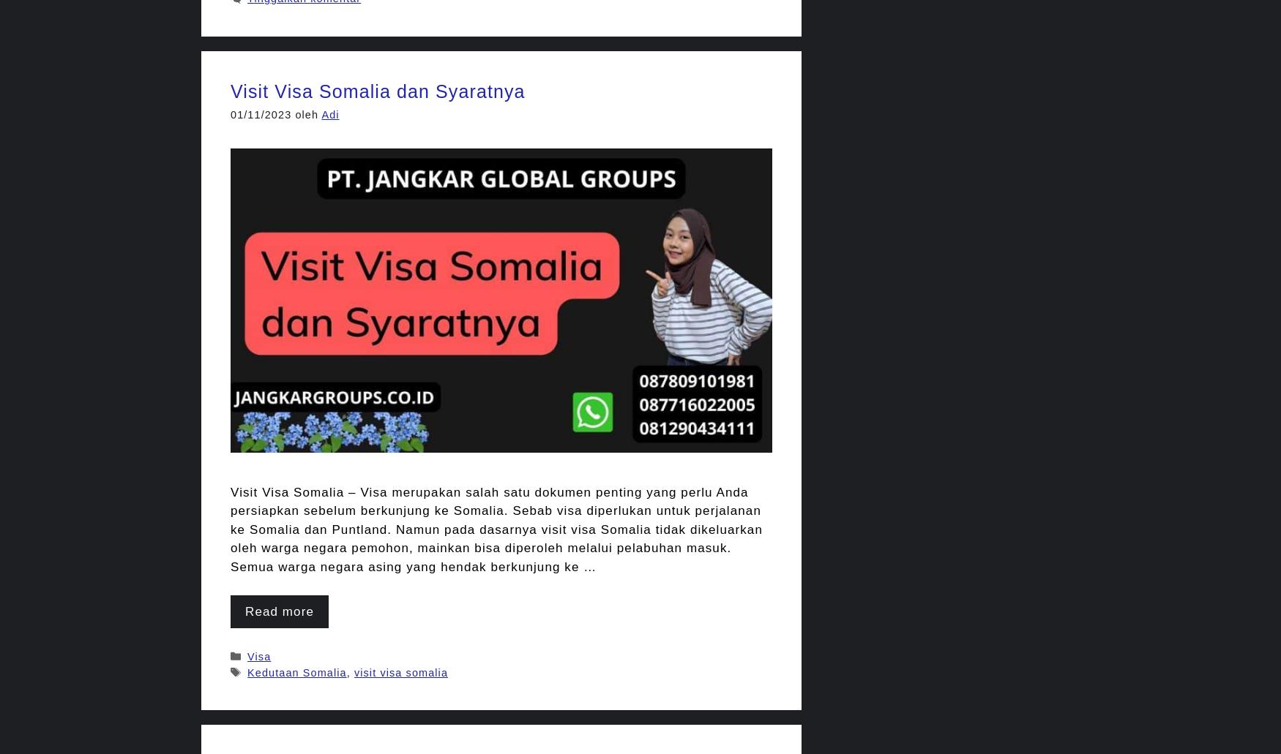 The image size is (1281, 754). What do you see at coordinates (377, 90) in the screenshot?
I see `'Visit Visa Somalia dan Syaratnya'` at bounding box center [377, 90].